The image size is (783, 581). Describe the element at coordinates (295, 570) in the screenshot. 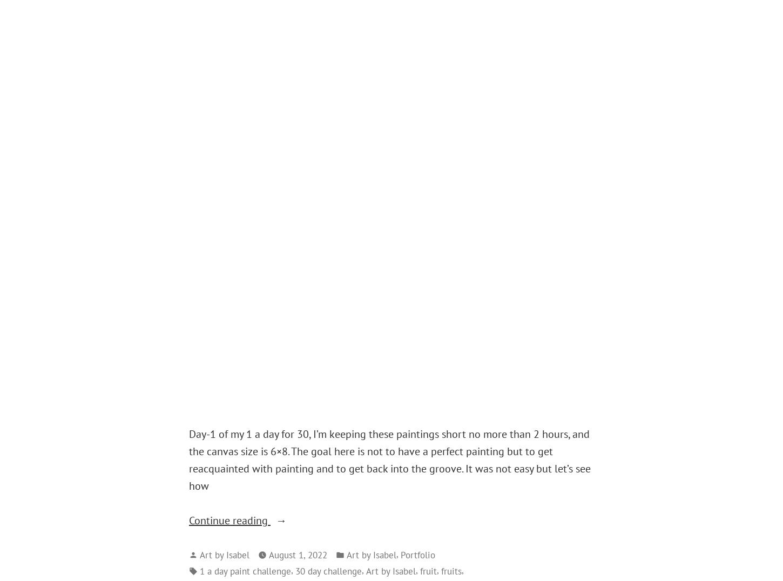

I see `'30 day challenge'` at that location.